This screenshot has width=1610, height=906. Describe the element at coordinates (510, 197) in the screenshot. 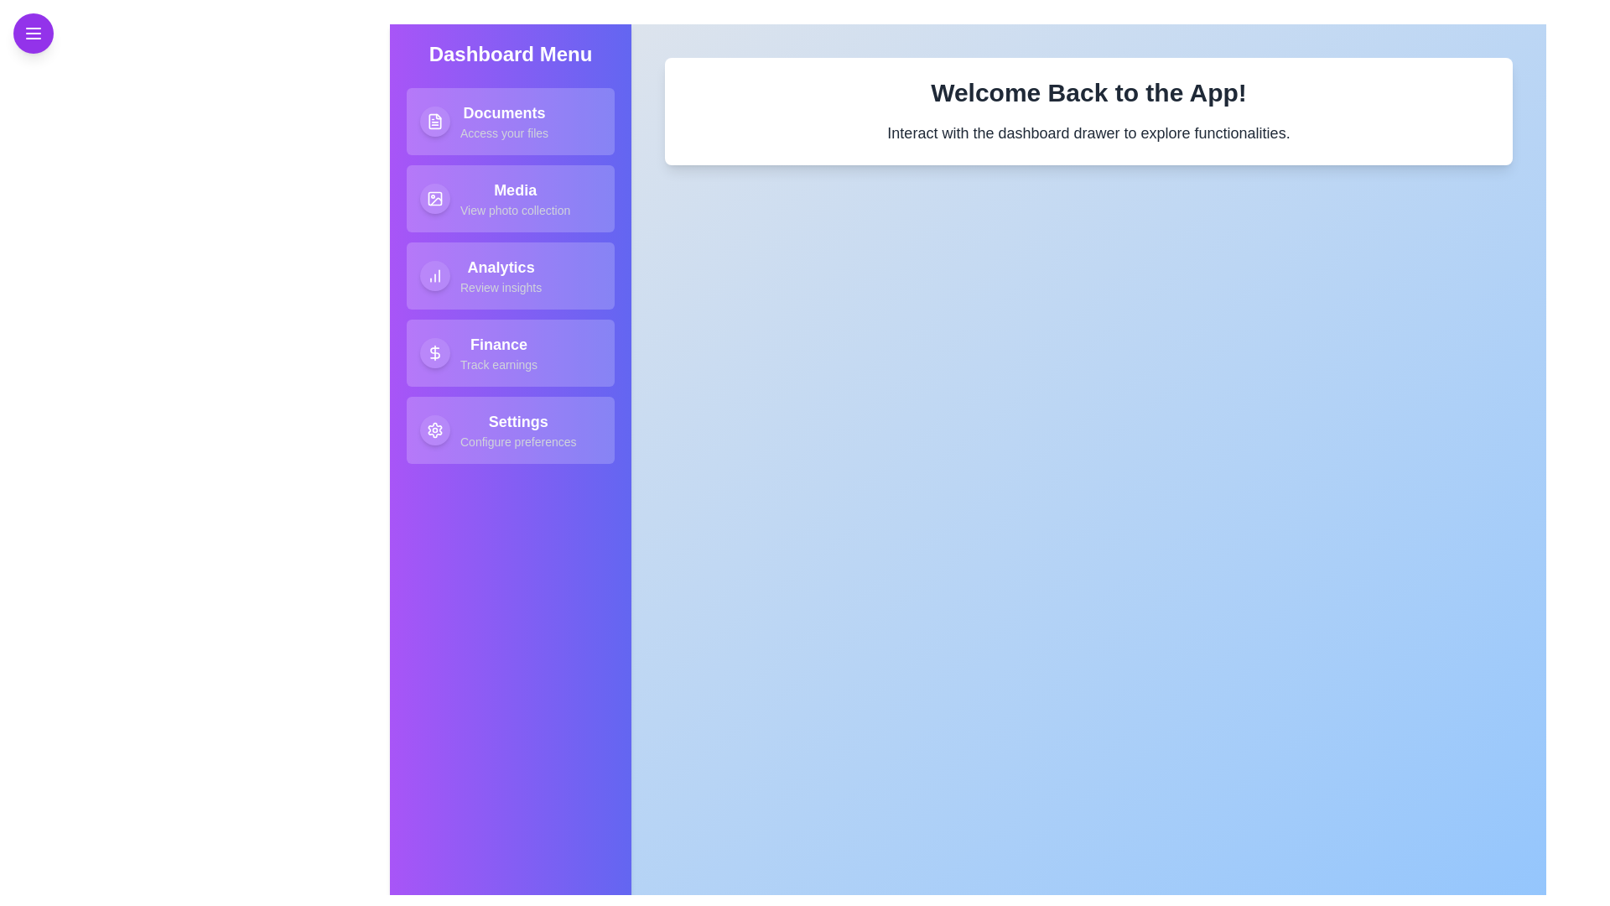

I see `the Media item in the drawer to access its functionality` at that location.